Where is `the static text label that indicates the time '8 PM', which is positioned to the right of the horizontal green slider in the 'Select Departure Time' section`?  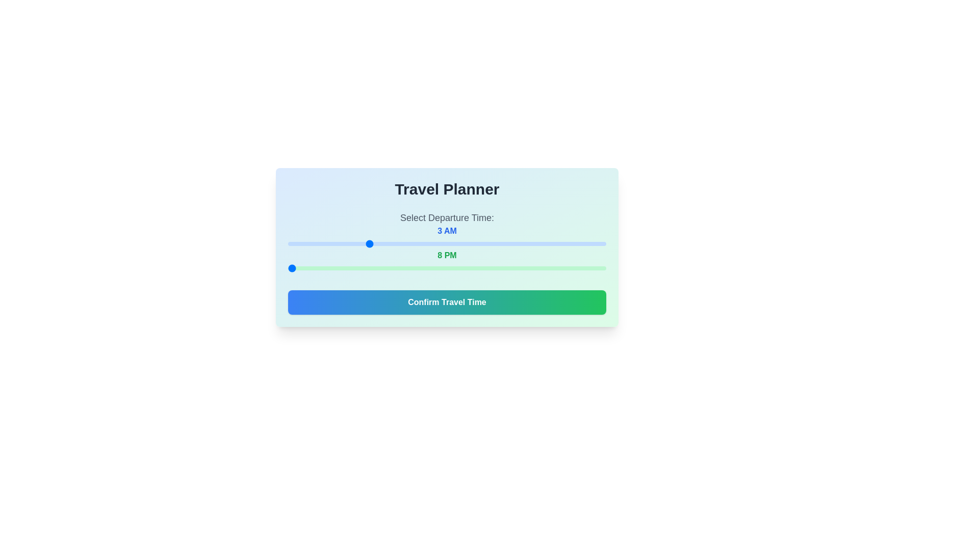
the static text label that indicates the time '8 PM', which is positioned to the right of the horizontal green slider in the 'Select Departure Time' section is located at coordinates (447, 255).